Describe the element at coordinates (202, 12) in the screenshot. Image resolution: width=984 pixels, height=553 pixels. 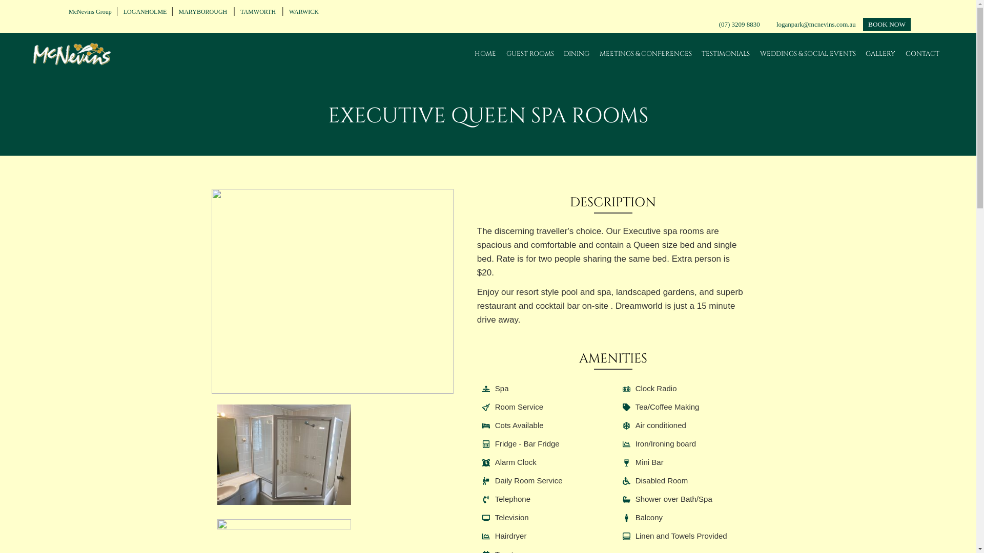
I see `'  MARYBOROUGH'` at that location.